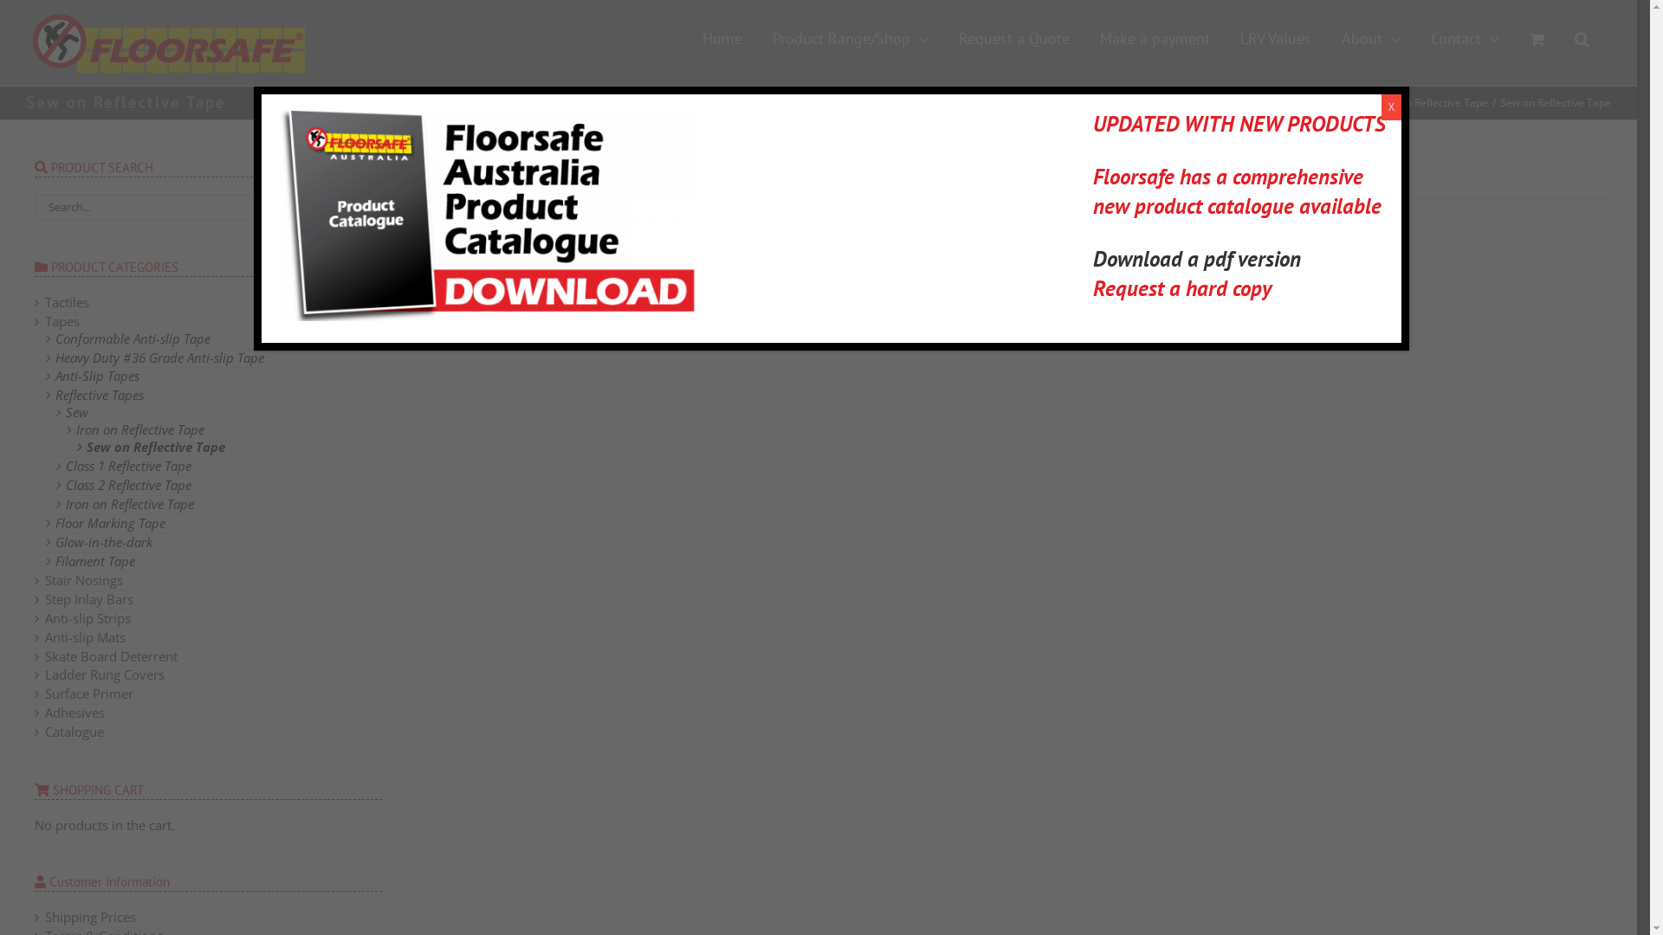  I want to click on 'Skate Board Deterrent', so click(45, 656).